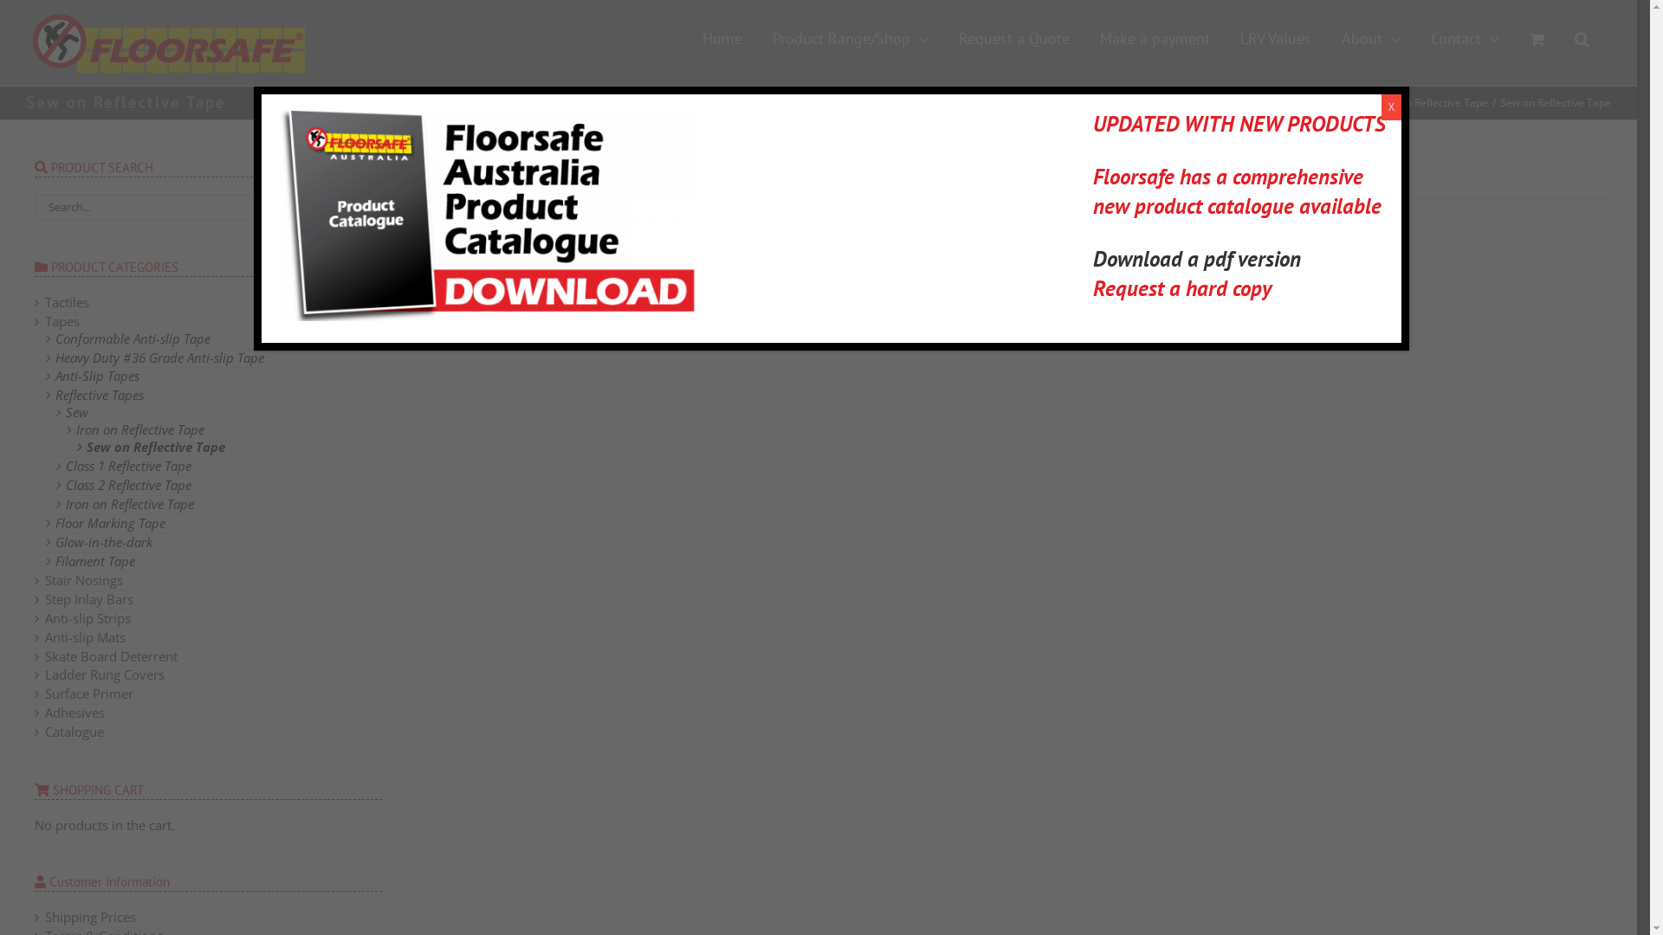  I want to click on 'Skate Board Deterrent', so click(45, 656).